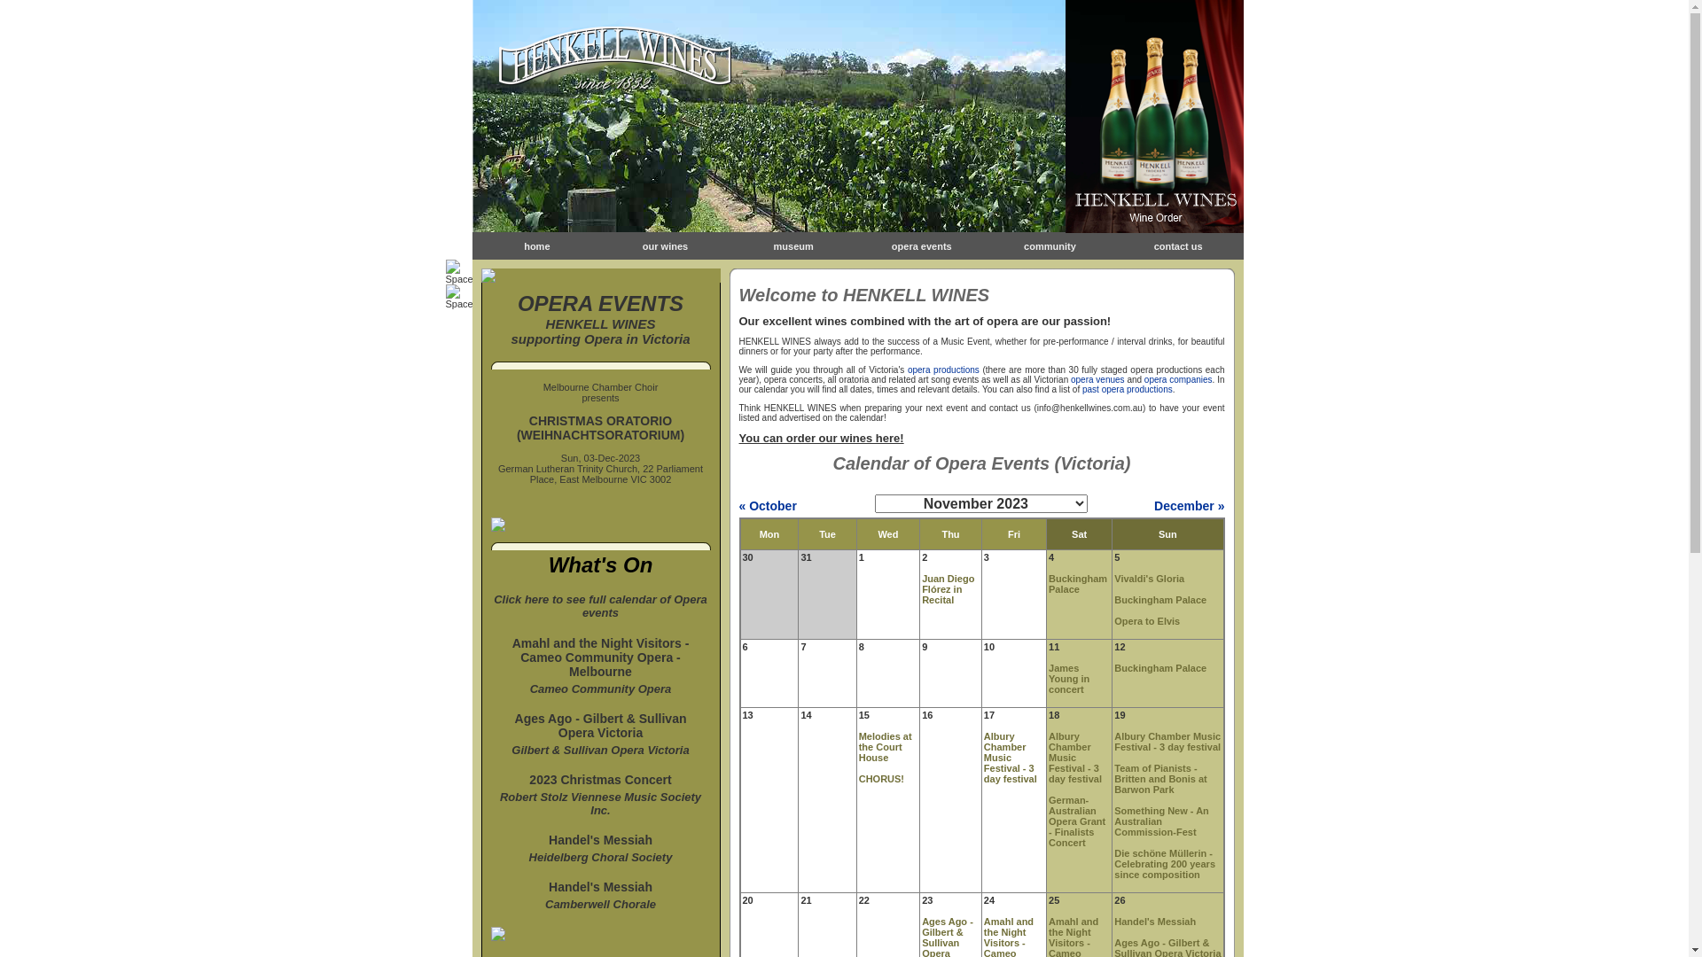 This screenshot has width=1702, height=957. Describe the element at coordinates (885, 747) in the screenshot. I see `'Melodies at the Court House'` at that location.